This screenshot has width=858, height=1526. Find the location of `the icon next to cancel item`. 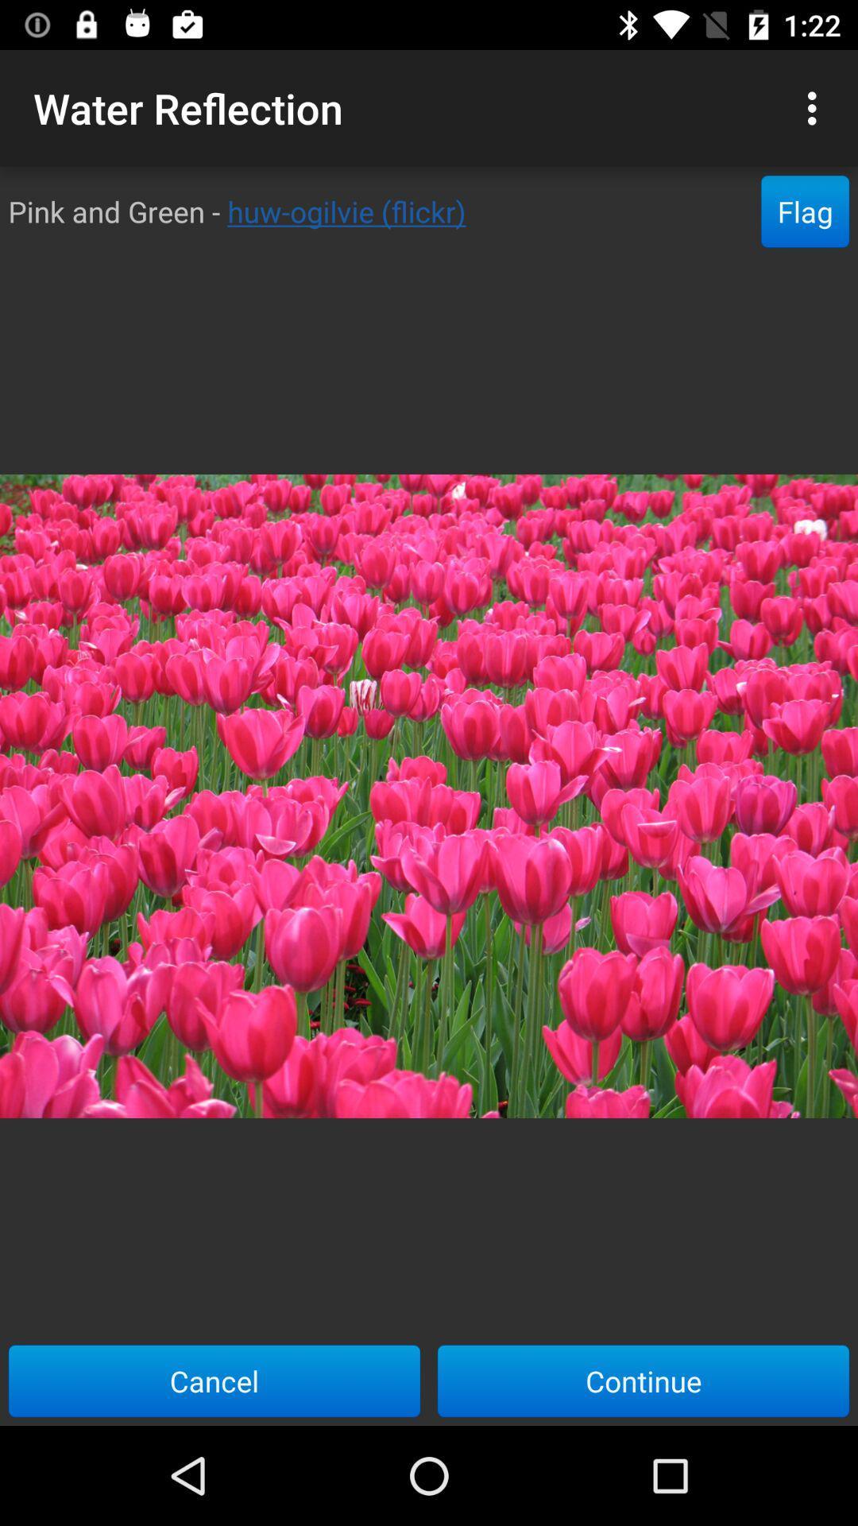

the icon next to cancel item is located at coordinates (643, 1380).